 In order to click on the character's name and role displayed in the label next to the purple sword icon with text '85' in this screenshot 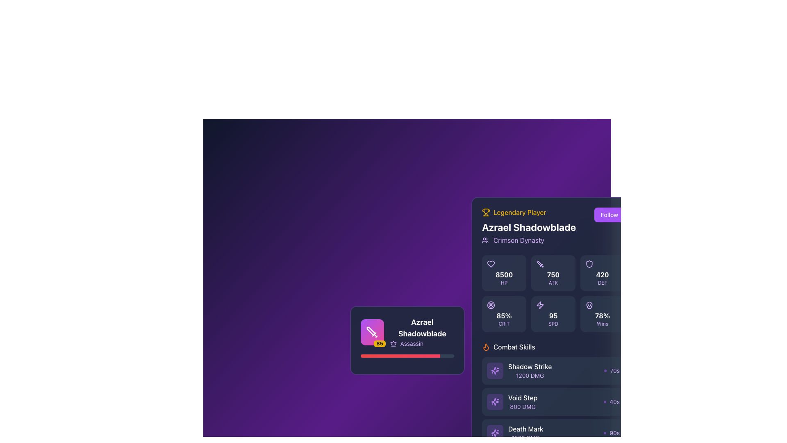, I will do `click(422, 332)`.